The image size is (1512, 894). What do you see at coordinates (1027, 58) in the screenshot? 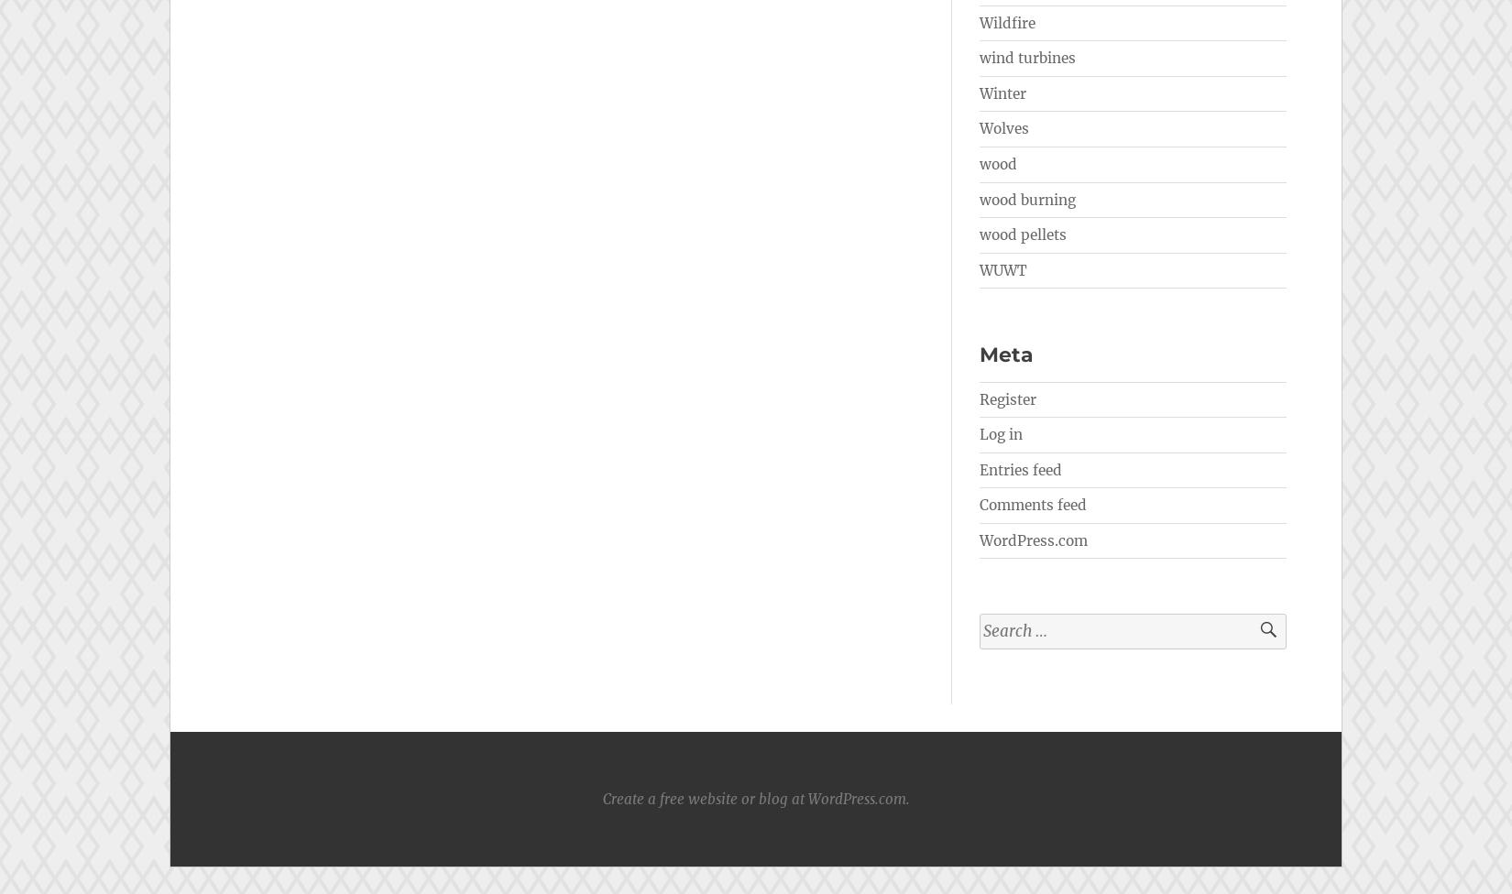
I see `'wind turbines'` at bounding box center [1027, 58].